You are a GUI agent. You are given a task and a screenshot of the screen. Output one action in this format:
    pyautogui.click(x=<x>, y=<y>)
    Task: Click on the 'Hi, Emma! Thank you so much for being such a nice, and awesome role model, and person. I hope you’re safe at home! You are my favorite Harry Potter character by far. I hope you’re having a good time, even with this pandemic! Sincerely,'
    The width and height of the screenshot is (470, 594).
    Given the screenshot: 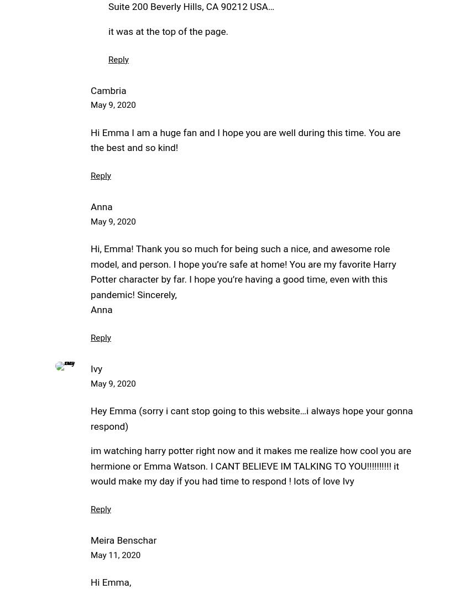 What is the action you would take?
    pyautogui.click(x=242, y=272)
    